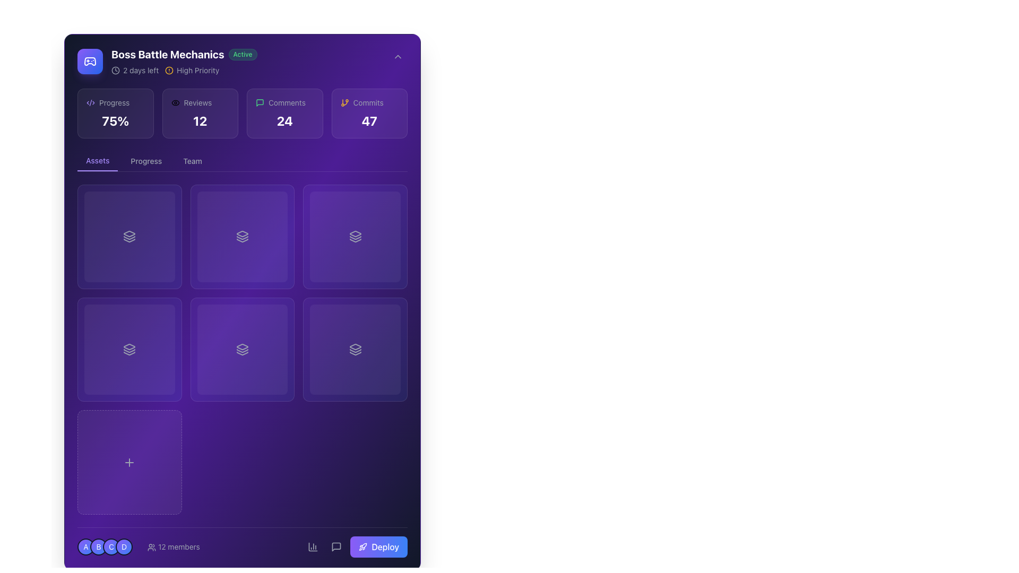  Describe the element at coordinates (193, 161) in the screenshot. I see `the 'Team' button, which is the third button in a horizontal group of three, to change its color from gray to white` at that location.